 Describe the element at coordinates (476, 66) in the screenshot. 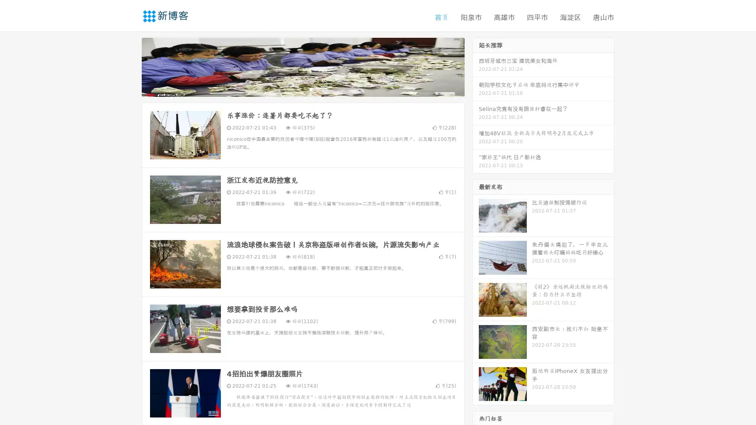

I see `Next slide` at that location.